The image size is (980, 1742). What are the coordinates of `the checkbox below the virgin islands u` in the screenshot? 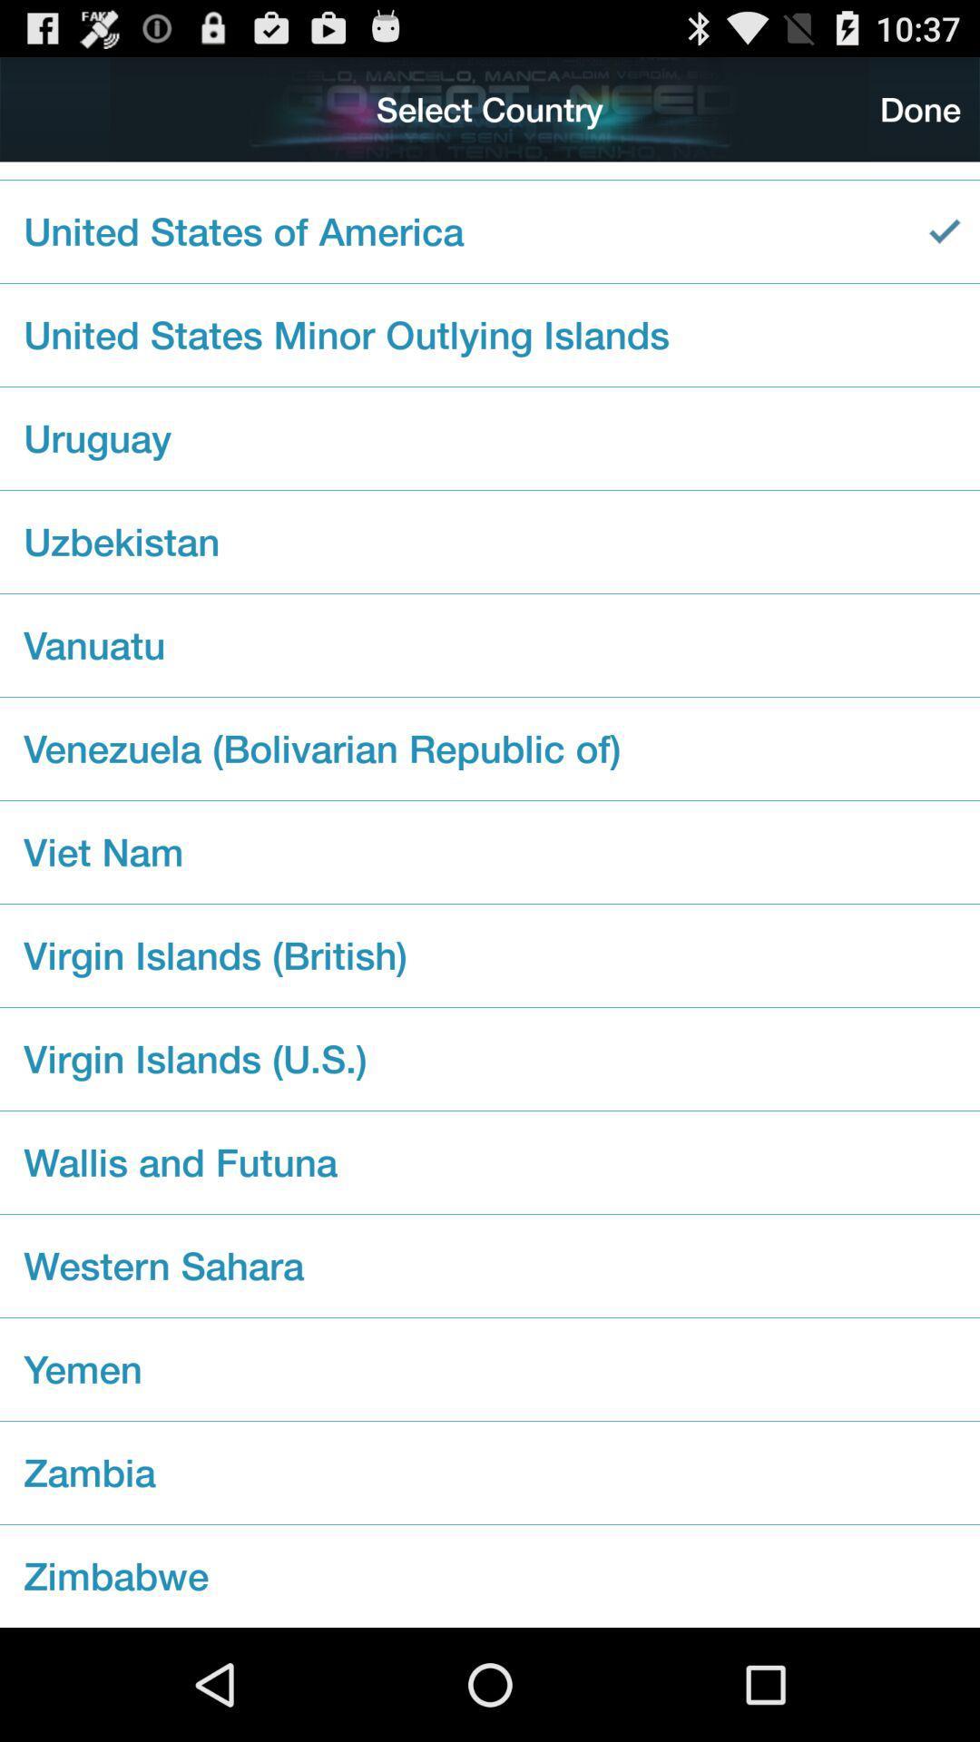 It's located at (490, 1162).